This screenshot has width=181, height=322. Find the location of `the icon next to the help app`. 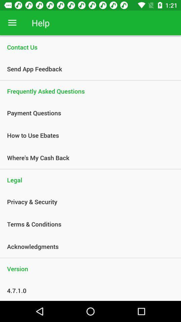

the icon next to the help app is located at coordinates (12, 23).